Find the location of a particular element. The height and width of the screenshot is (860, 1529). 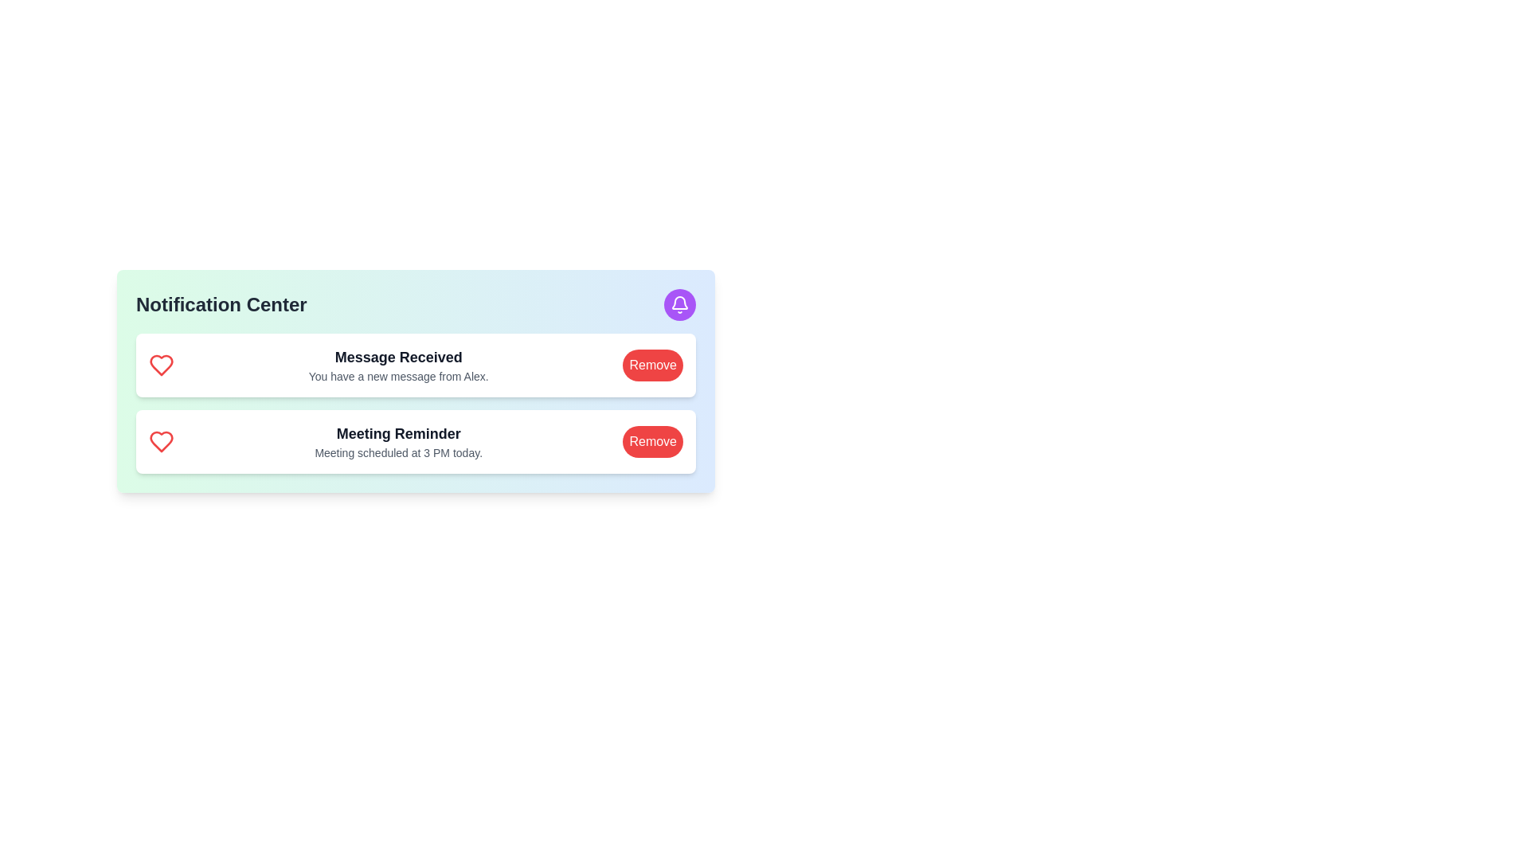

the Text label that serves as the title for the notification content, located in the second notification block above the text 'Meeting scheduled at 3 PM today.' is located at coordinates (398, 433).